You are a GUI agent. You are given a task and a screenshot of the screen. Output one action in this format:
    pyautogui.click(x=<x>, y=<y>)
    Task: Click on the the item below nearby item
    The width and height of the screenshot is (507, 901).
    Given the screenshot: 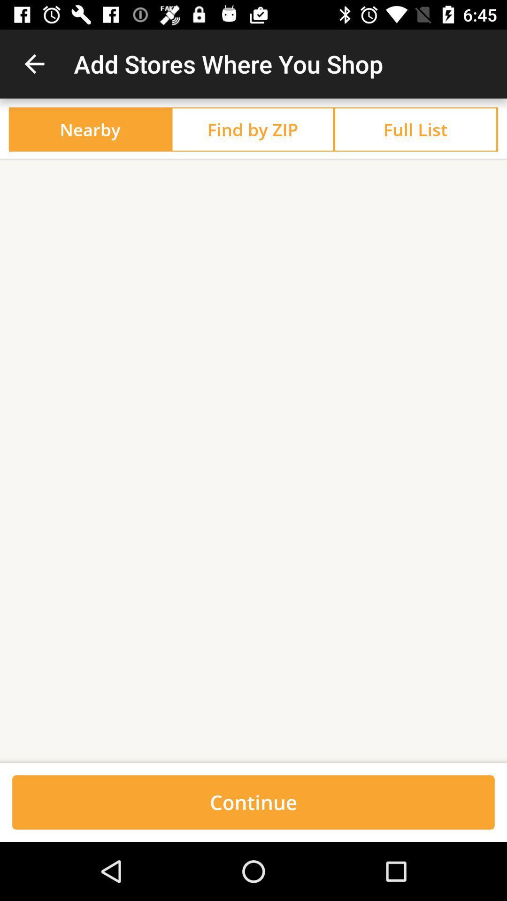 What is the action you would take?
    pyautogui.click(x=253, y=159)
    